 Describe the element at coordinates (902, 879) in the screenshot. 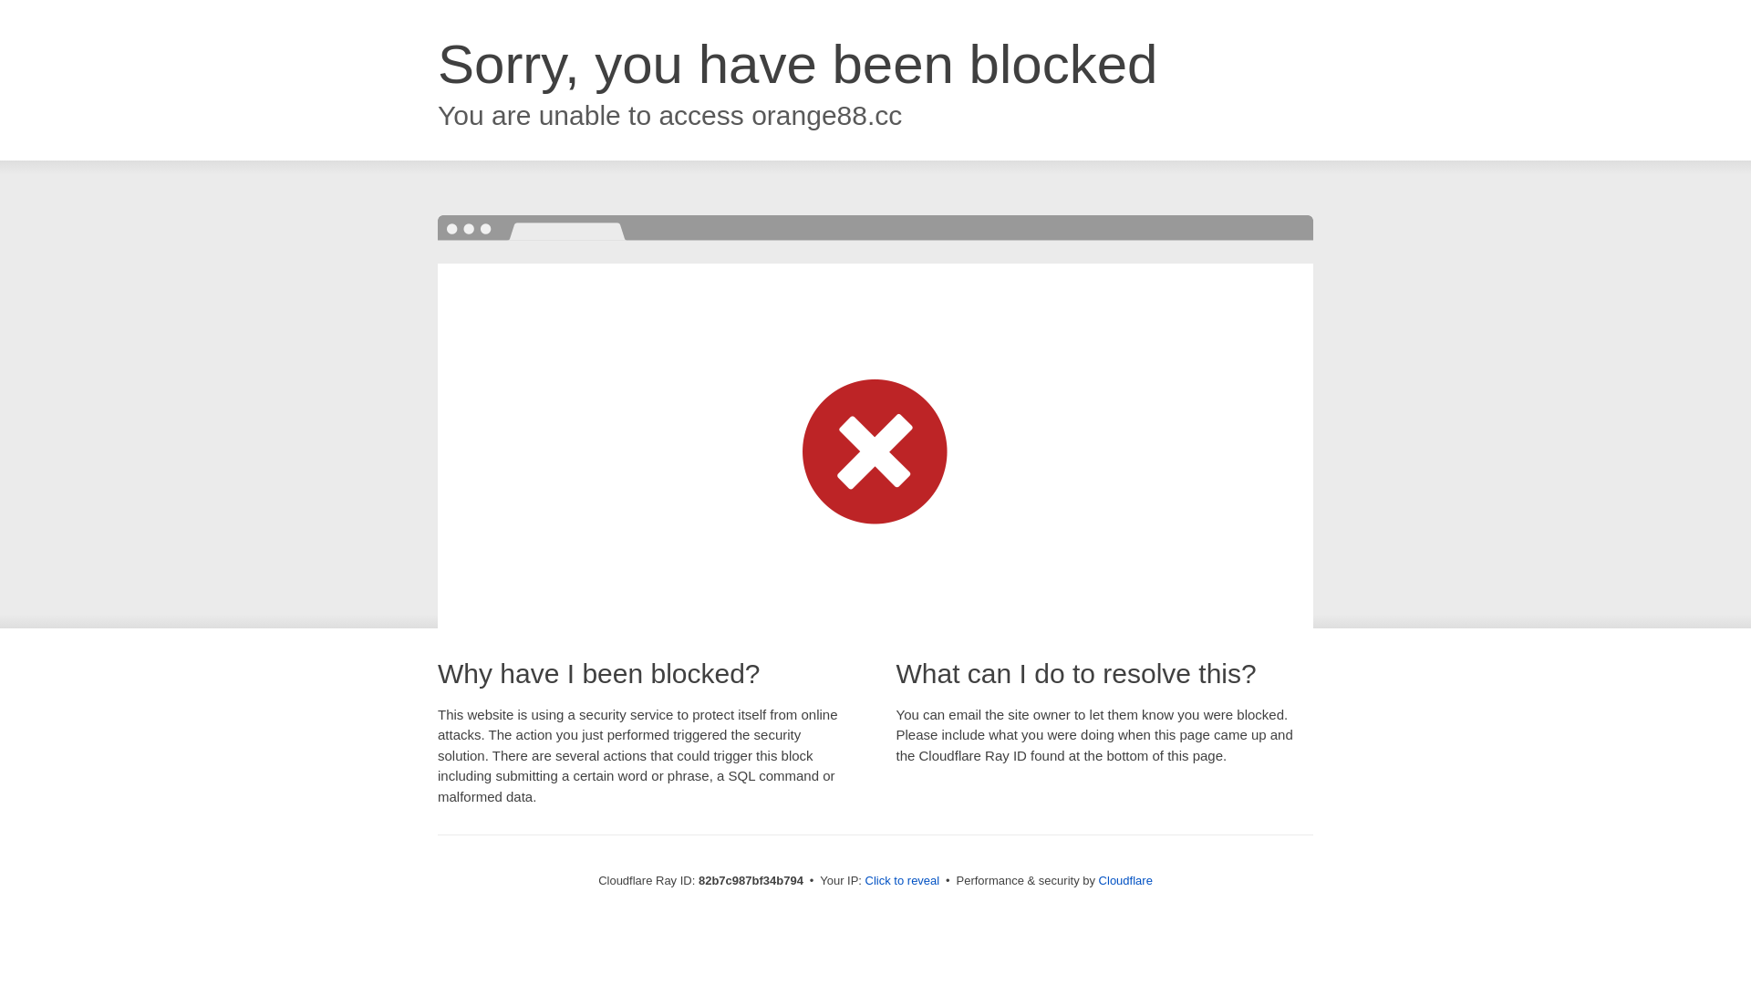

I see `'Click to reveal'` at that location.